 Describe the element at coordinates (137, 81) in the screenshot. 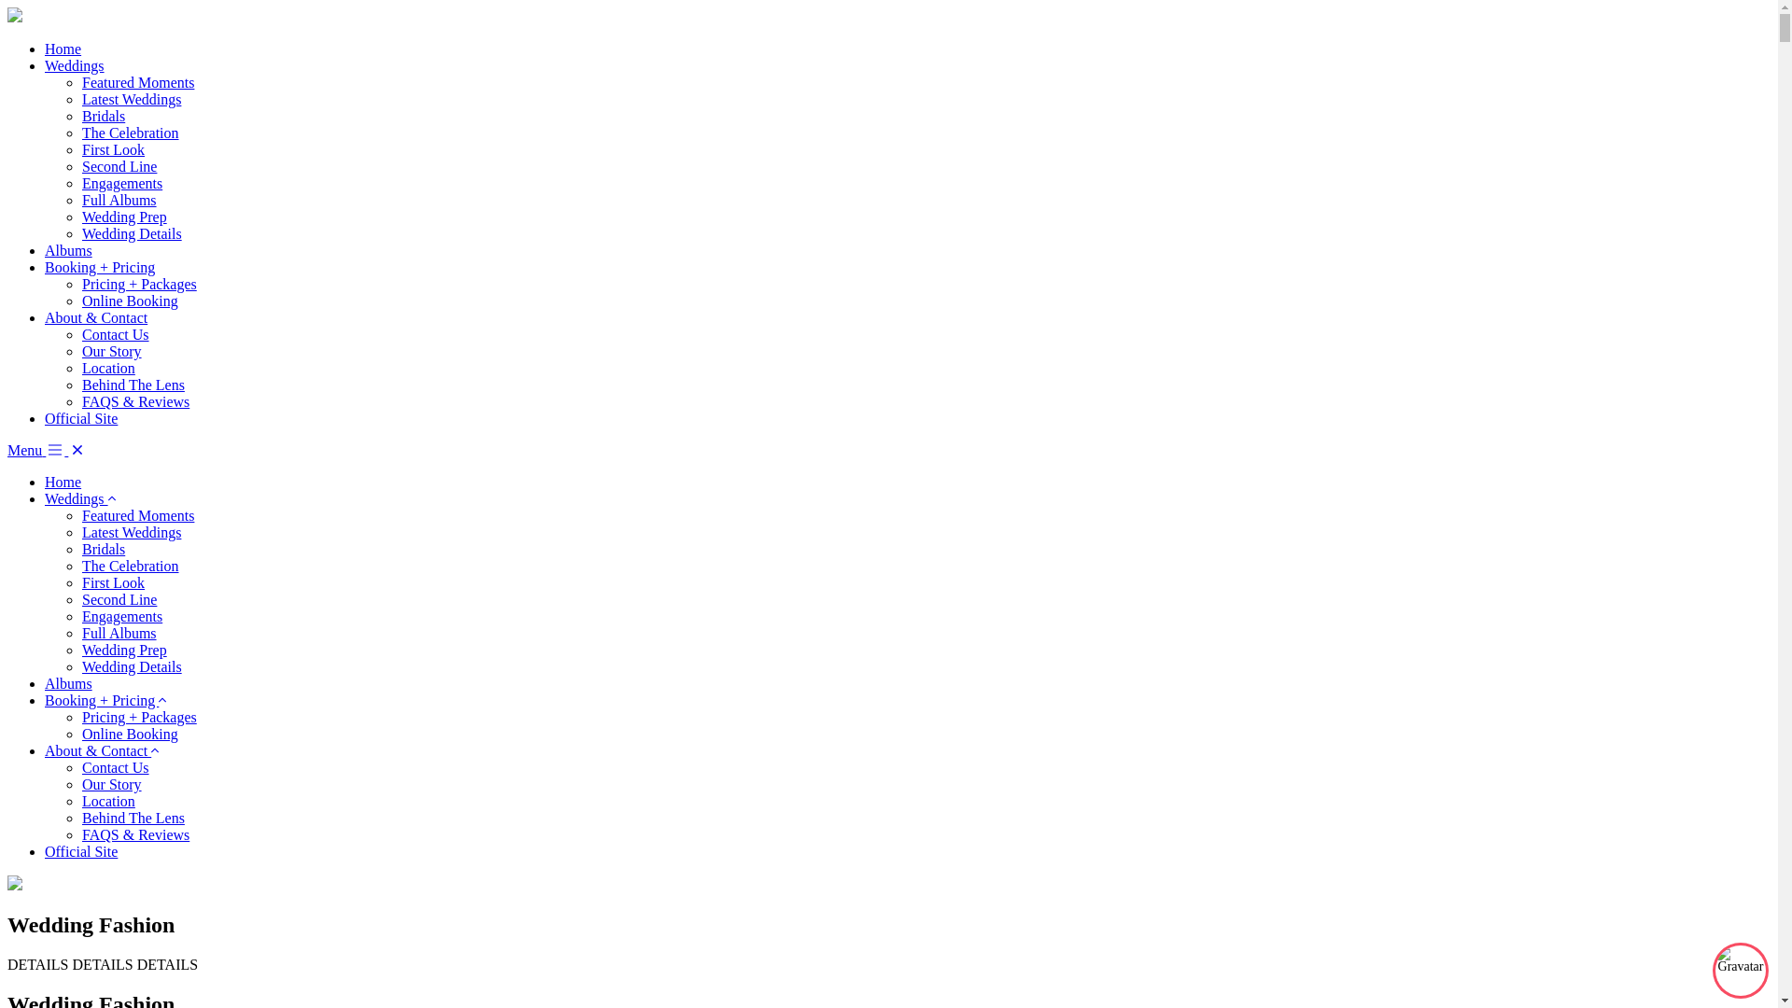

I see `'Featured Moments'` at that location.